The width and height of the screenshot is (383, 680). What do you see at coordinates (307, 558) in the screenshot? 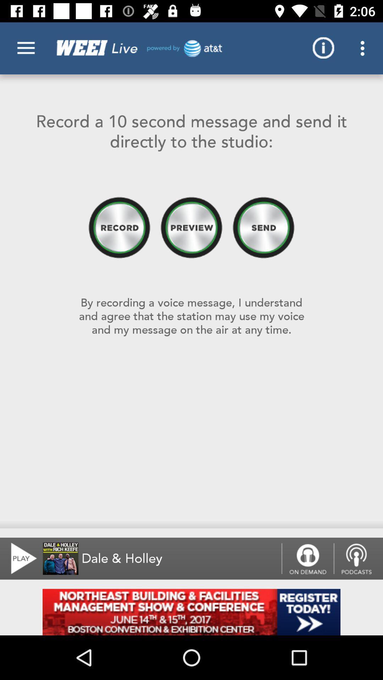
I see `the lock icon` at bounding box center [307, 558].